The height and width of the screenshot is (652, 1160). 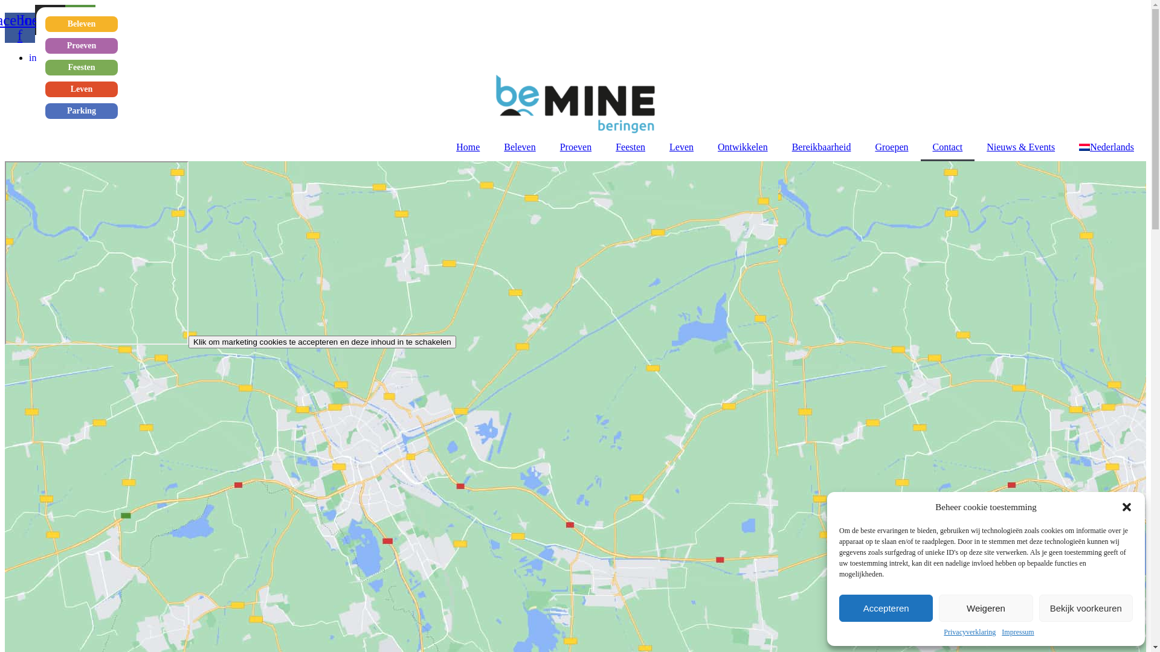 What do you see at coordinates (1017, 631) in the screenshot?
I see `'Impressum'` at bounding box center [1017, 631].